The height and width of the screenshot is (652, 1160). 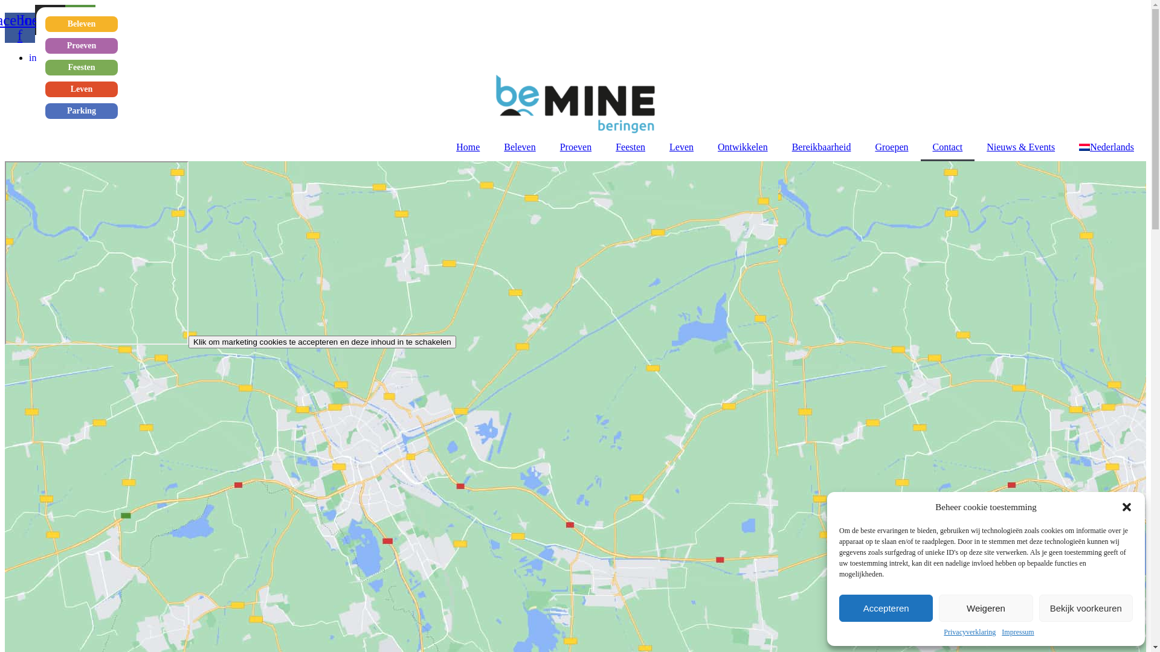 What do you see at coordinates (1017, 631) in the screenshot?
I see `'Impressum'` at bounding box center [1017, 631].